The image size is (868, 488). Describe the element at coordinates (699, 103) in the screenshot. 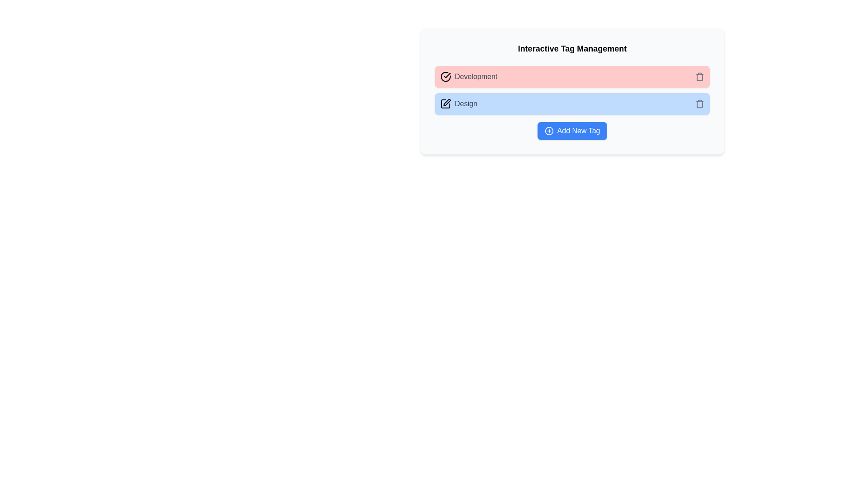

I see `the Icon button located at the rightmost side of the blue-highlighted 'Design' section, aligned horizontally with the text 'Design'` at that location.